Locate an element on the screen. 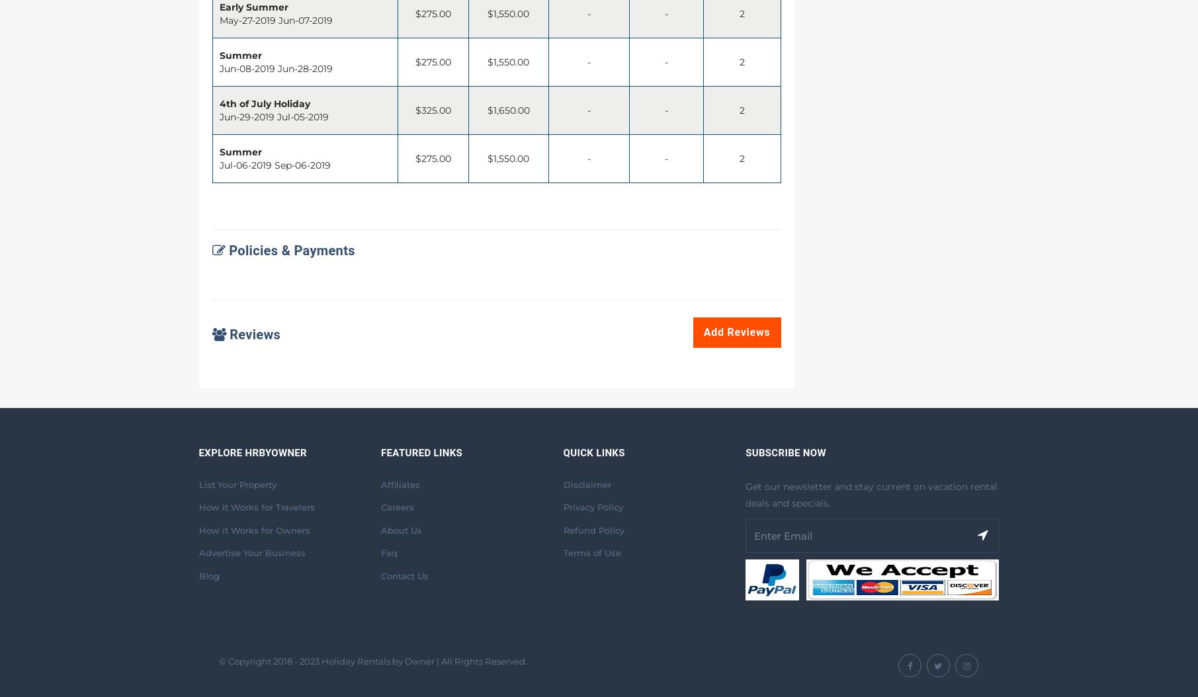  'EXPLORE HRBYOWNER' is located at coordinates (251, 452).